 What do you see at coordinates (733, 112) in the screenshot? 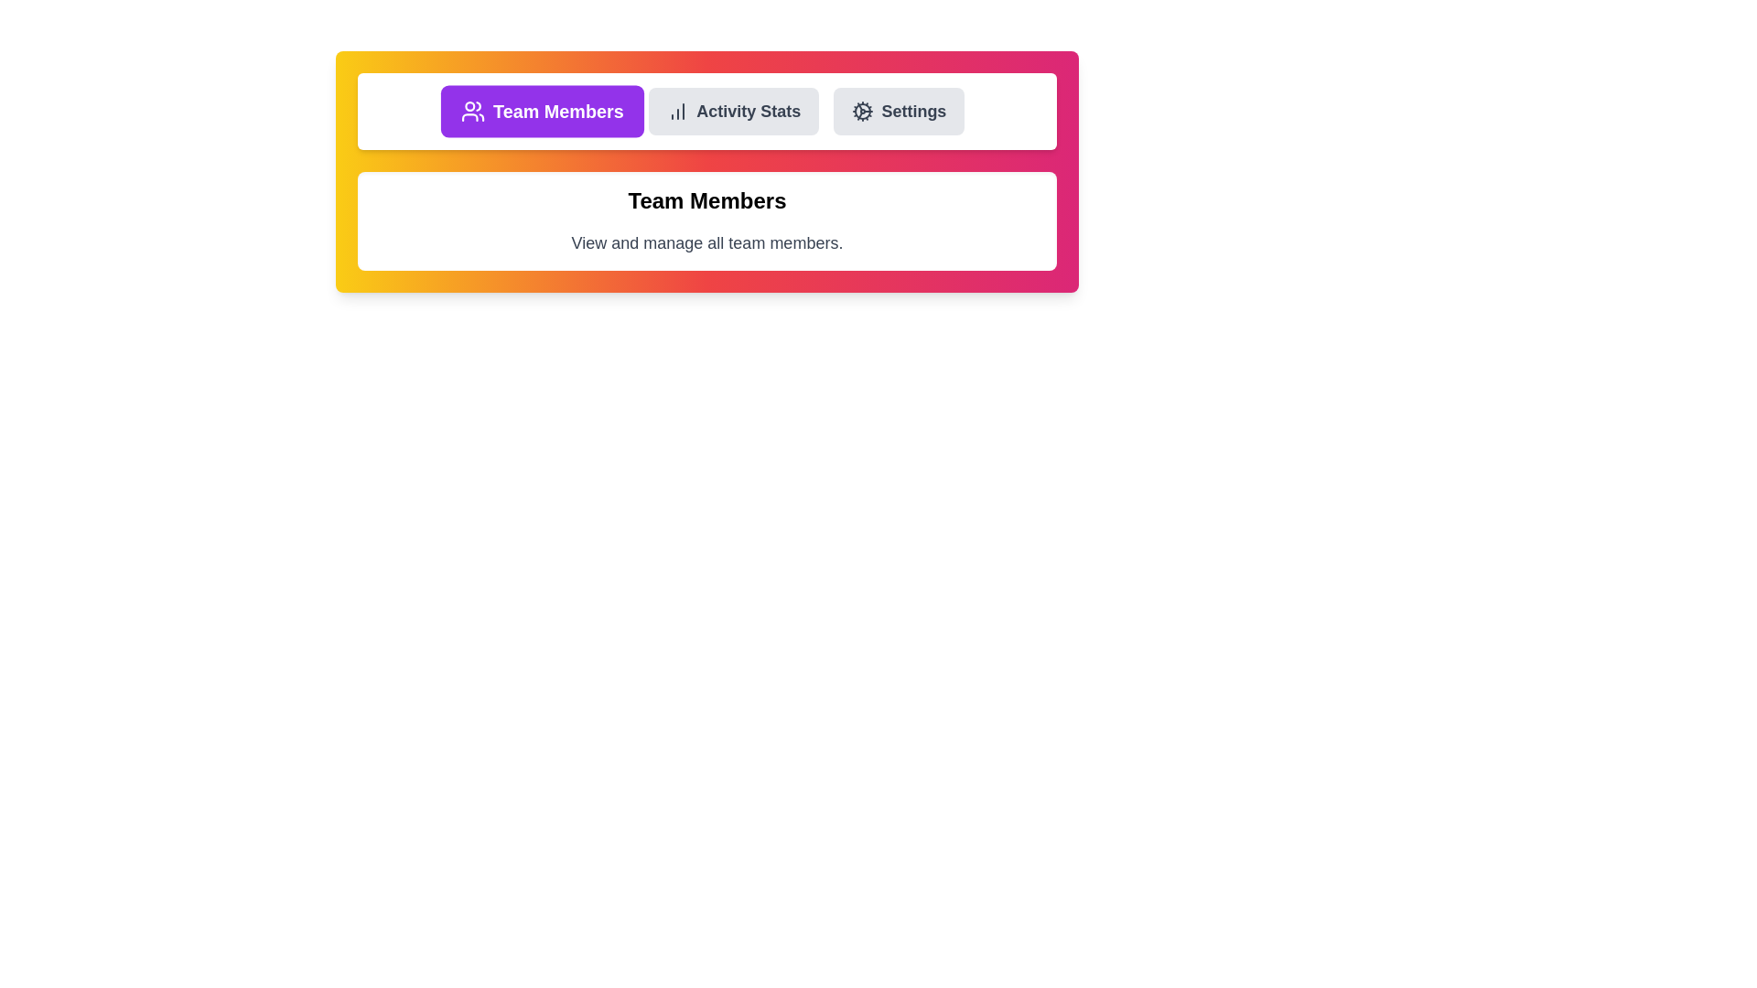
I see `the tab labeled Activity Stats to view its description` at bounding box center [733, 112].